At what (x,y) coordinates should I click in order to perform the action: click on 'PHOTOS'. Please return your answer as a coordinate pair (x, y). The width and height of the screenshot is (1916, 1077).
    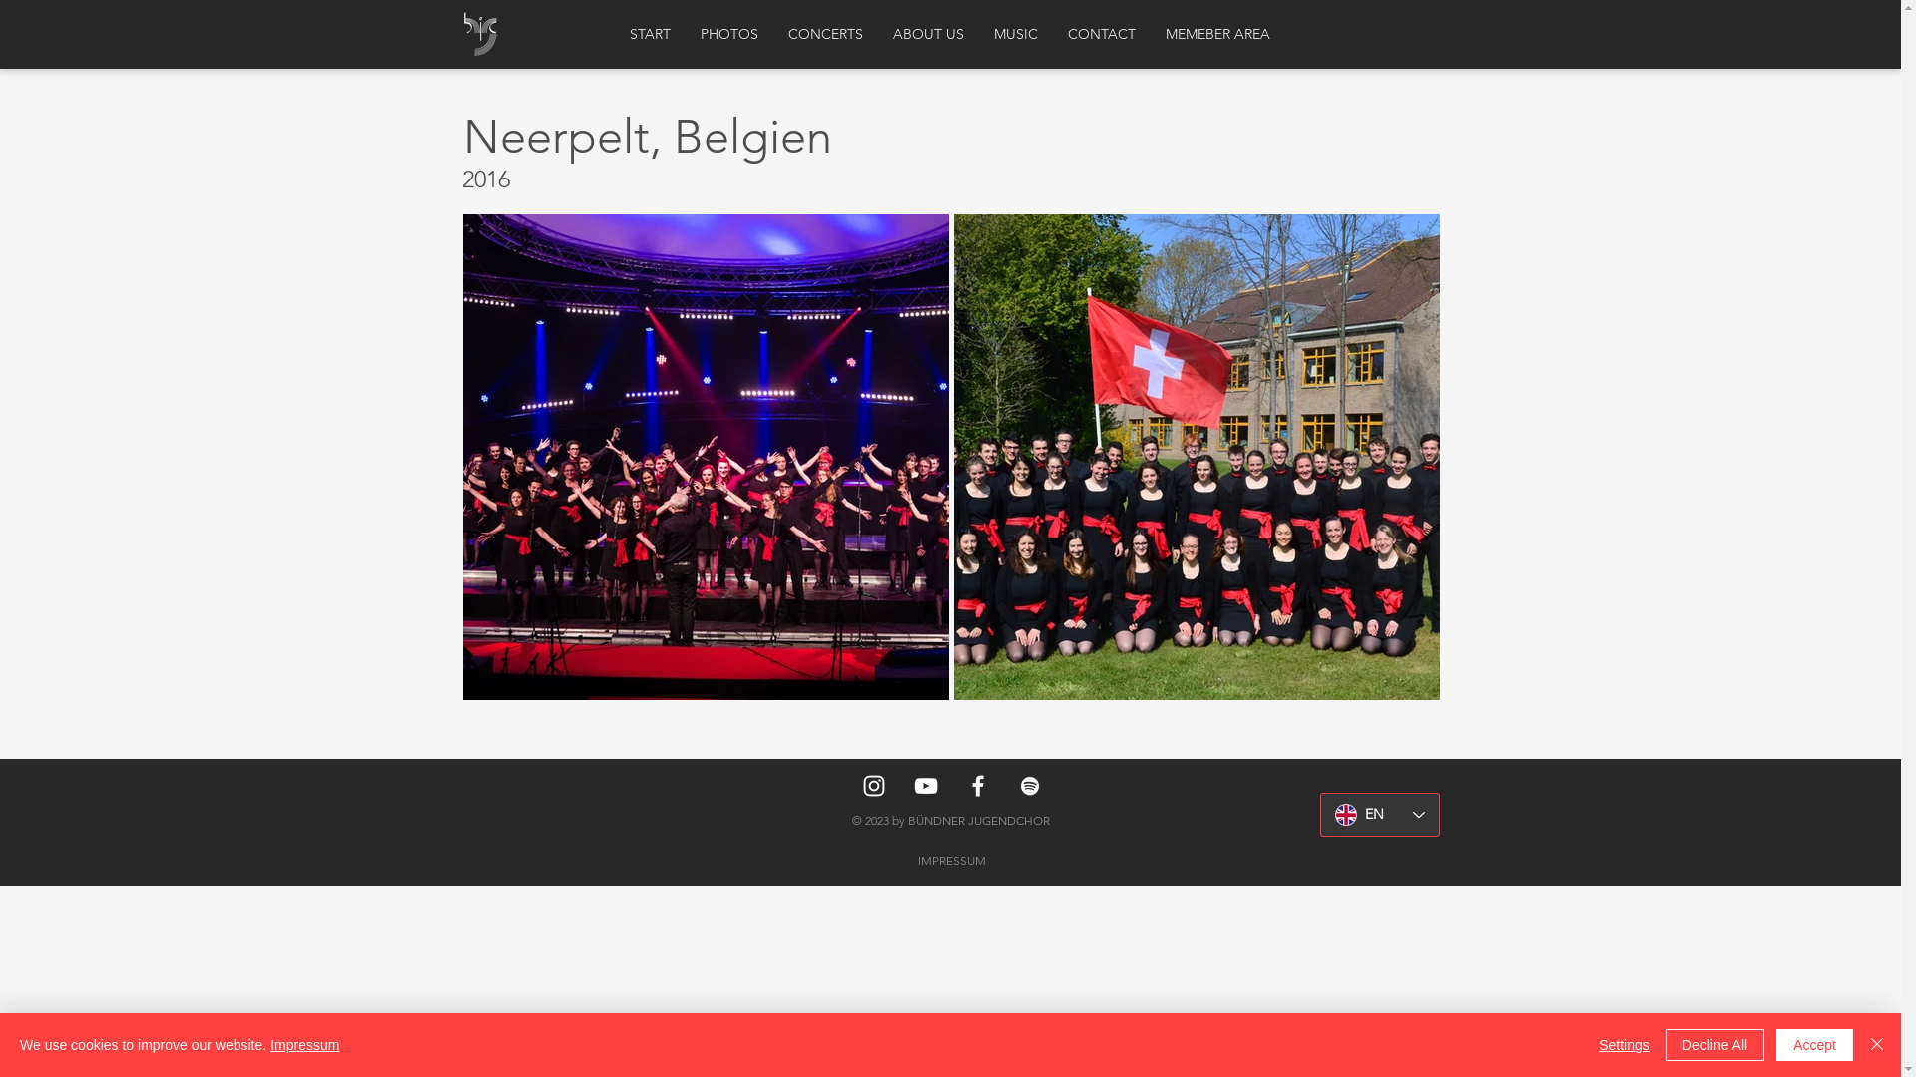
    Looking at the image, I should click on (727, 34).